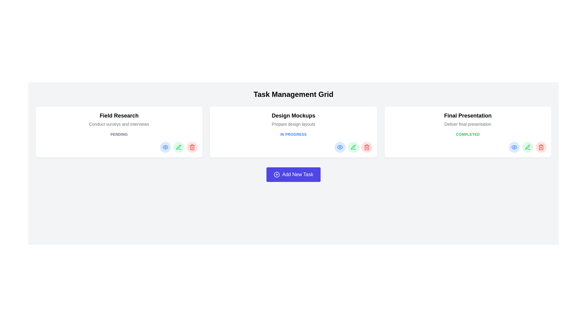 The image size is (584, 328). Describe the element at coordinates (293, 124) in the screenshot. I see `the text label that reads 'Prepare design layouts', which is styled in gray and positioned below 'Design Mockups' in the middle card of a three-card layout` at that location.